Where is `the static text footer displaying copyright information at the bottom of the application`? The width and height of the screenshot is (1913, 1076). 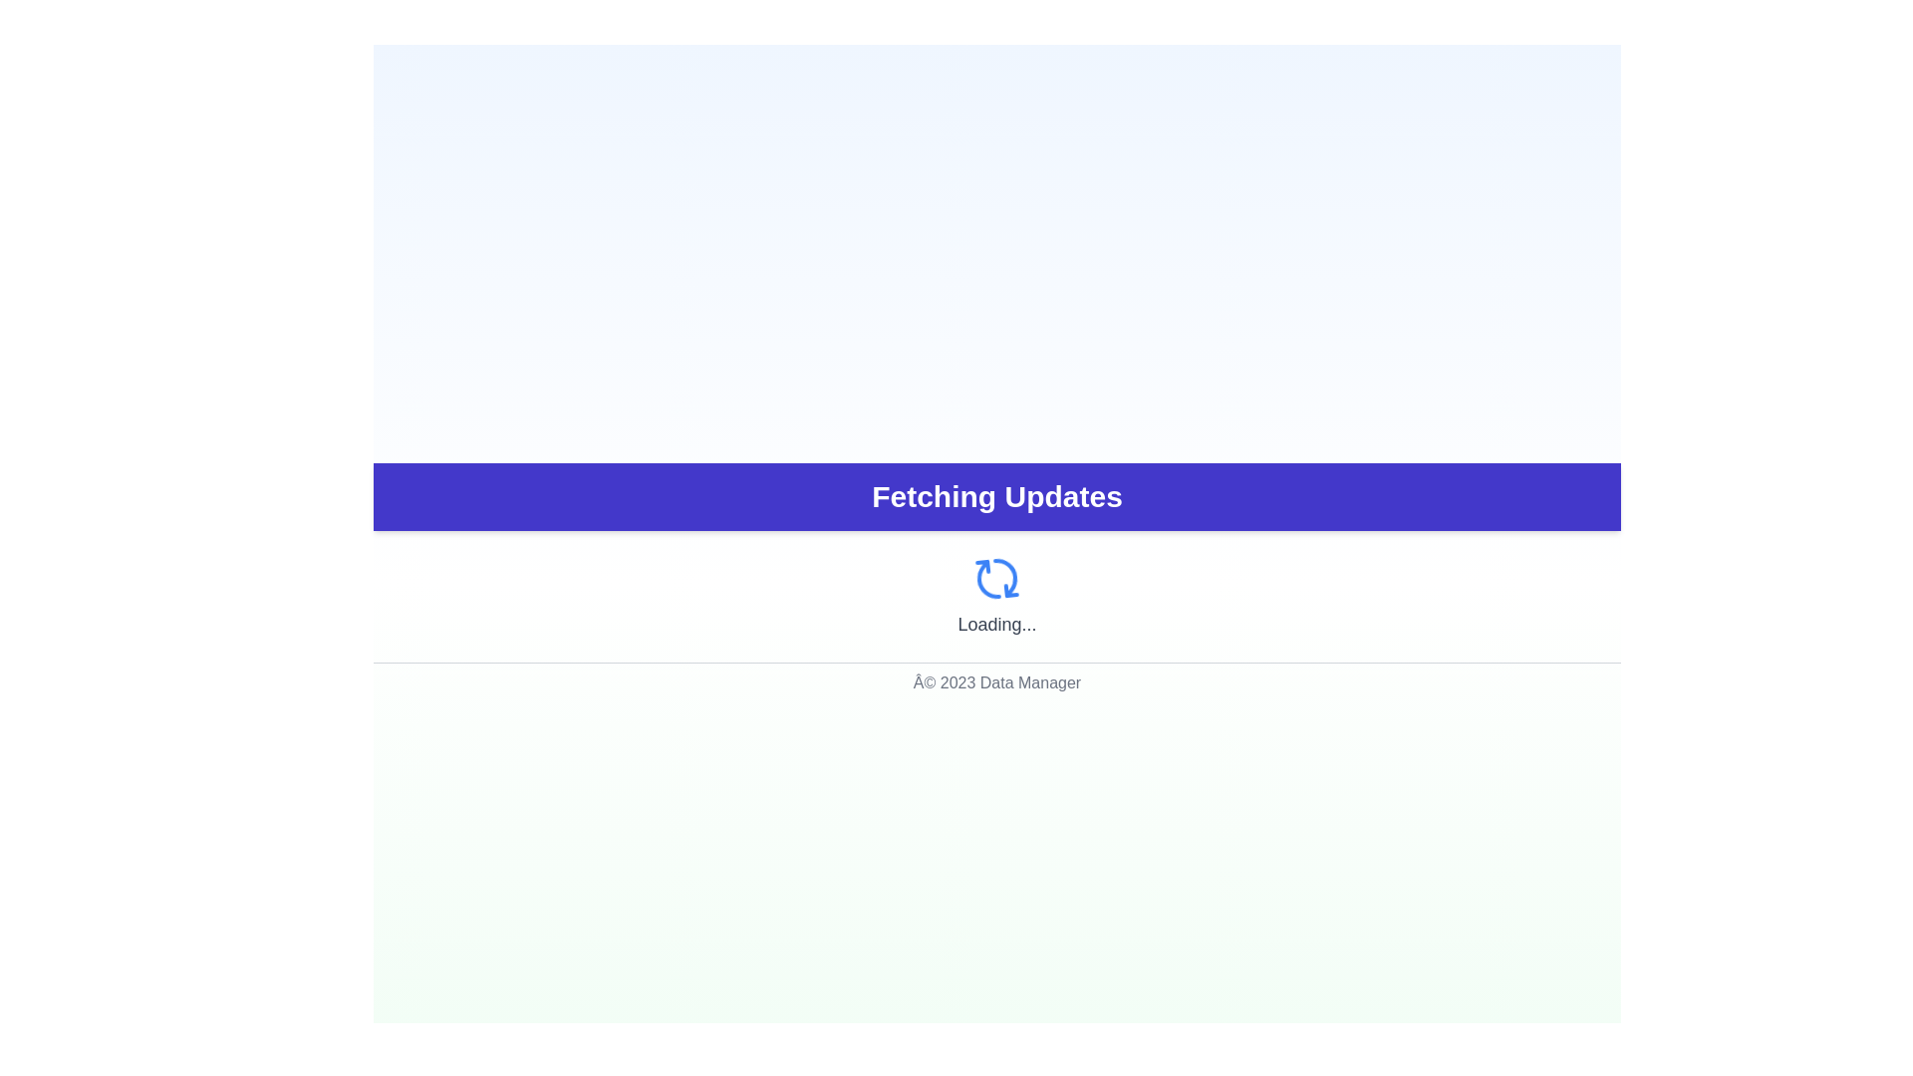 the static text footer displaying copyright information at the bottom of the application is located at coordinates (997, 681).